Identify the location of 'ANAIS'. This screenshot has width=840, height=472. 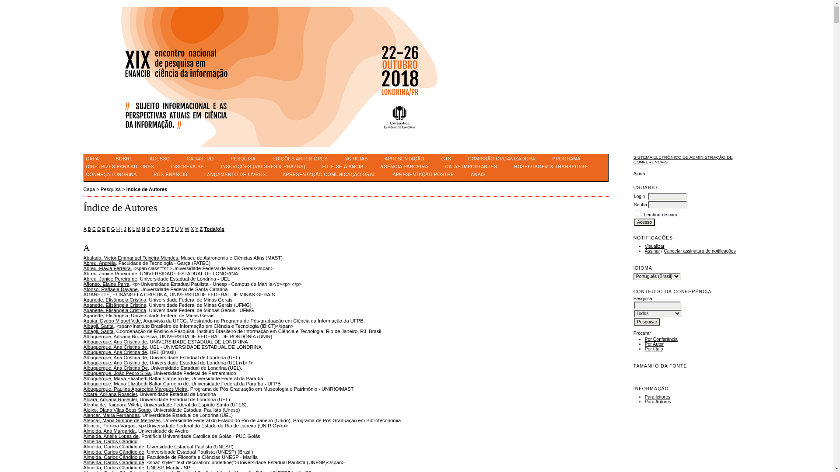
(478, 174).